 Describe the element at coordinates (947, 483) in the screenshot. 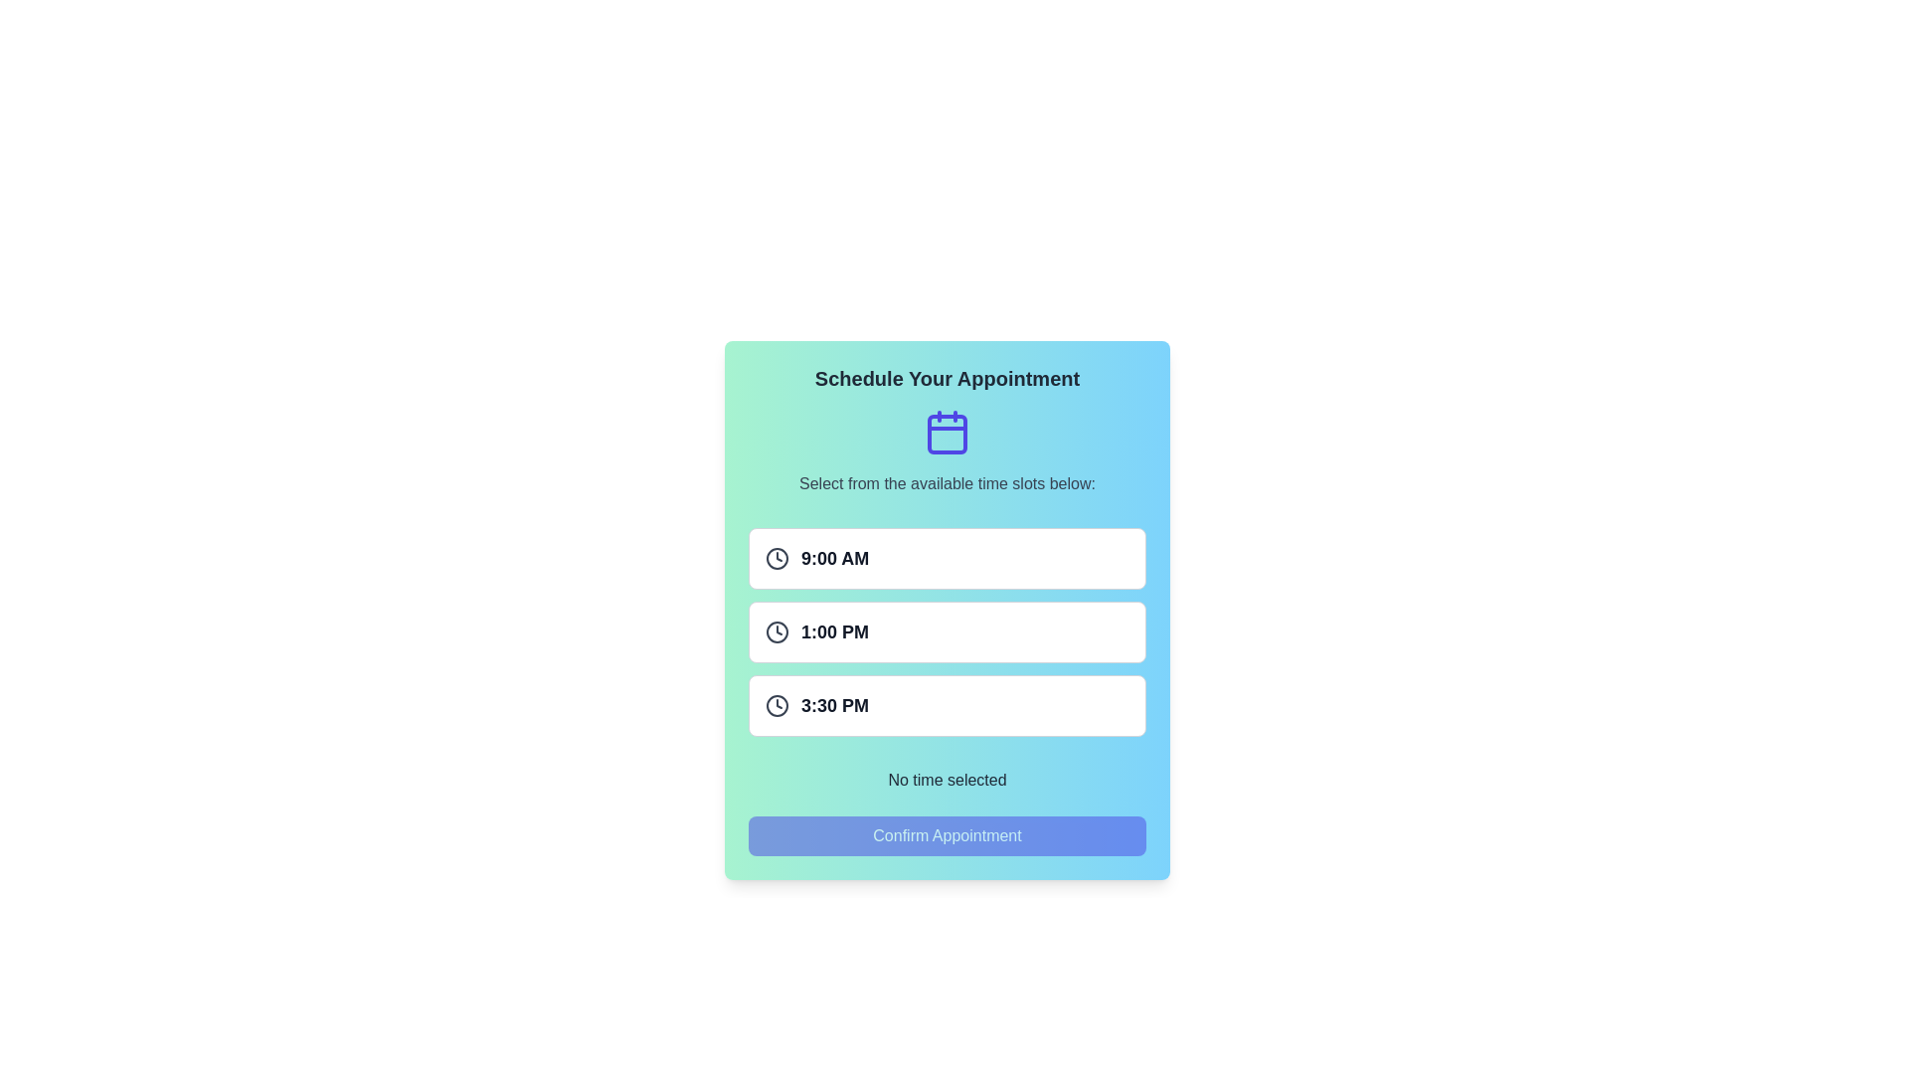

I see `the text label displaying 'Select from the available time slots below:' which is centered in the dialog box below the calendar icon` at that location.